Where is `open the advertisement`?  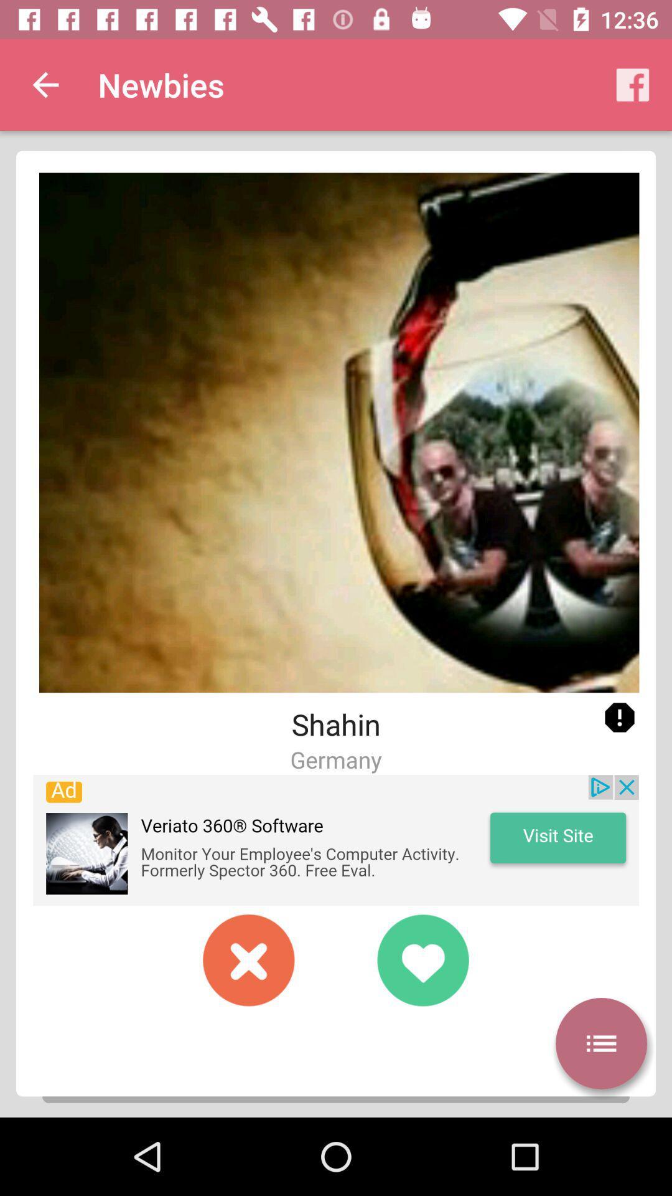
open the advertisement is located at coordinates (336, 840).